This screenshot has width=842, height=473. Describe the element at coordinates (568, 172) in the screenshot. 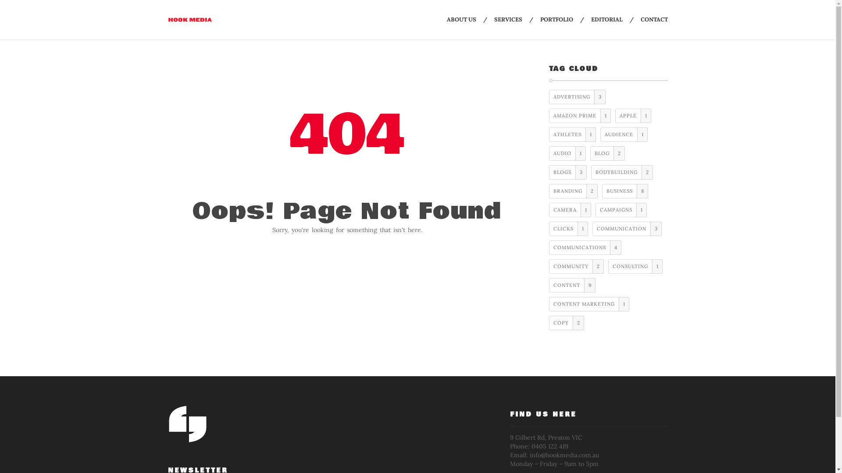

I see `'BLOGS3'` at that location.